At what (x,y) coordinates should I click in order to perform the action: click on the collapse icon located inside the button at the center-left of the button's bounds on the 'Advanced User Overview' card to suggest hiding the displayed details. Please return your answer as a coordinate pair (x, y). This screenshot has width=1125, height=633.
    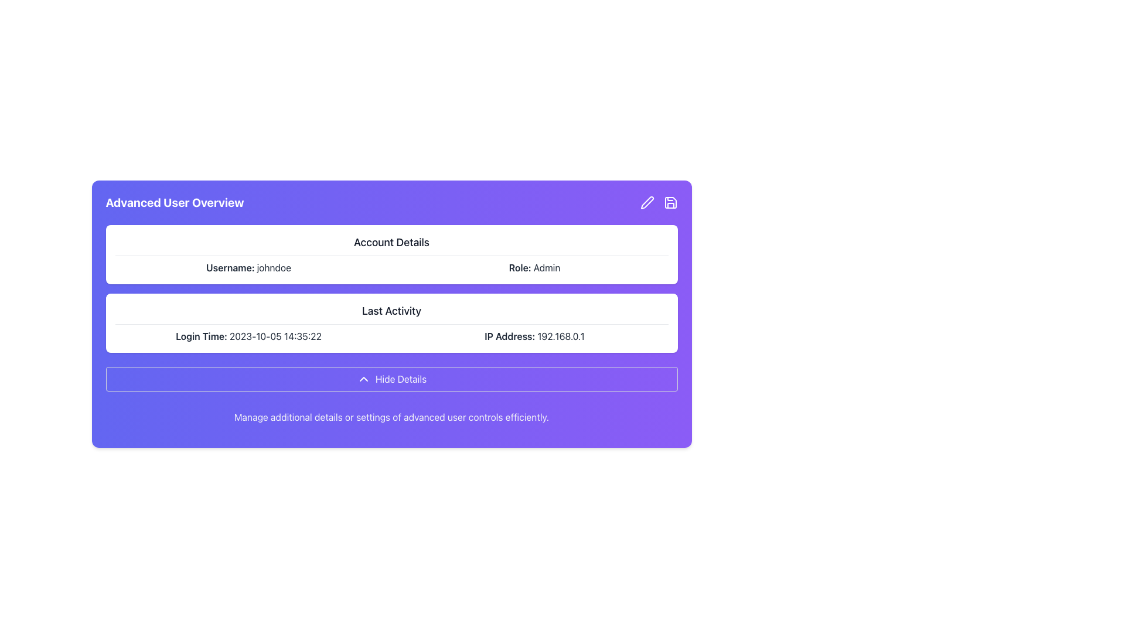
    Looking at the image, I should click on (363, 379).